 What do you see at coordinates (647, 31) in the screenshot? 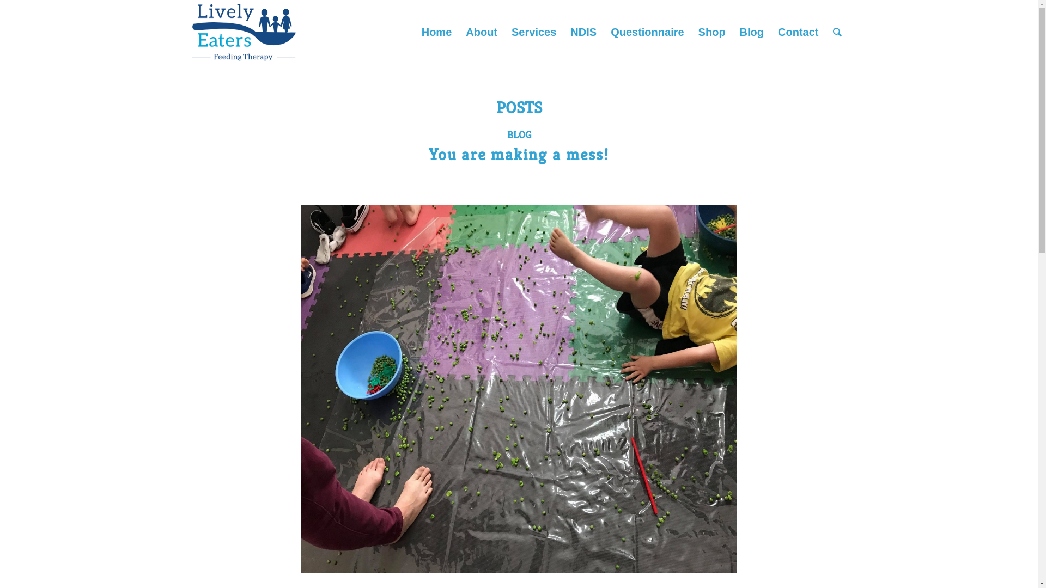
I see `'Questionnaire'` at bounding box center [647, 31].